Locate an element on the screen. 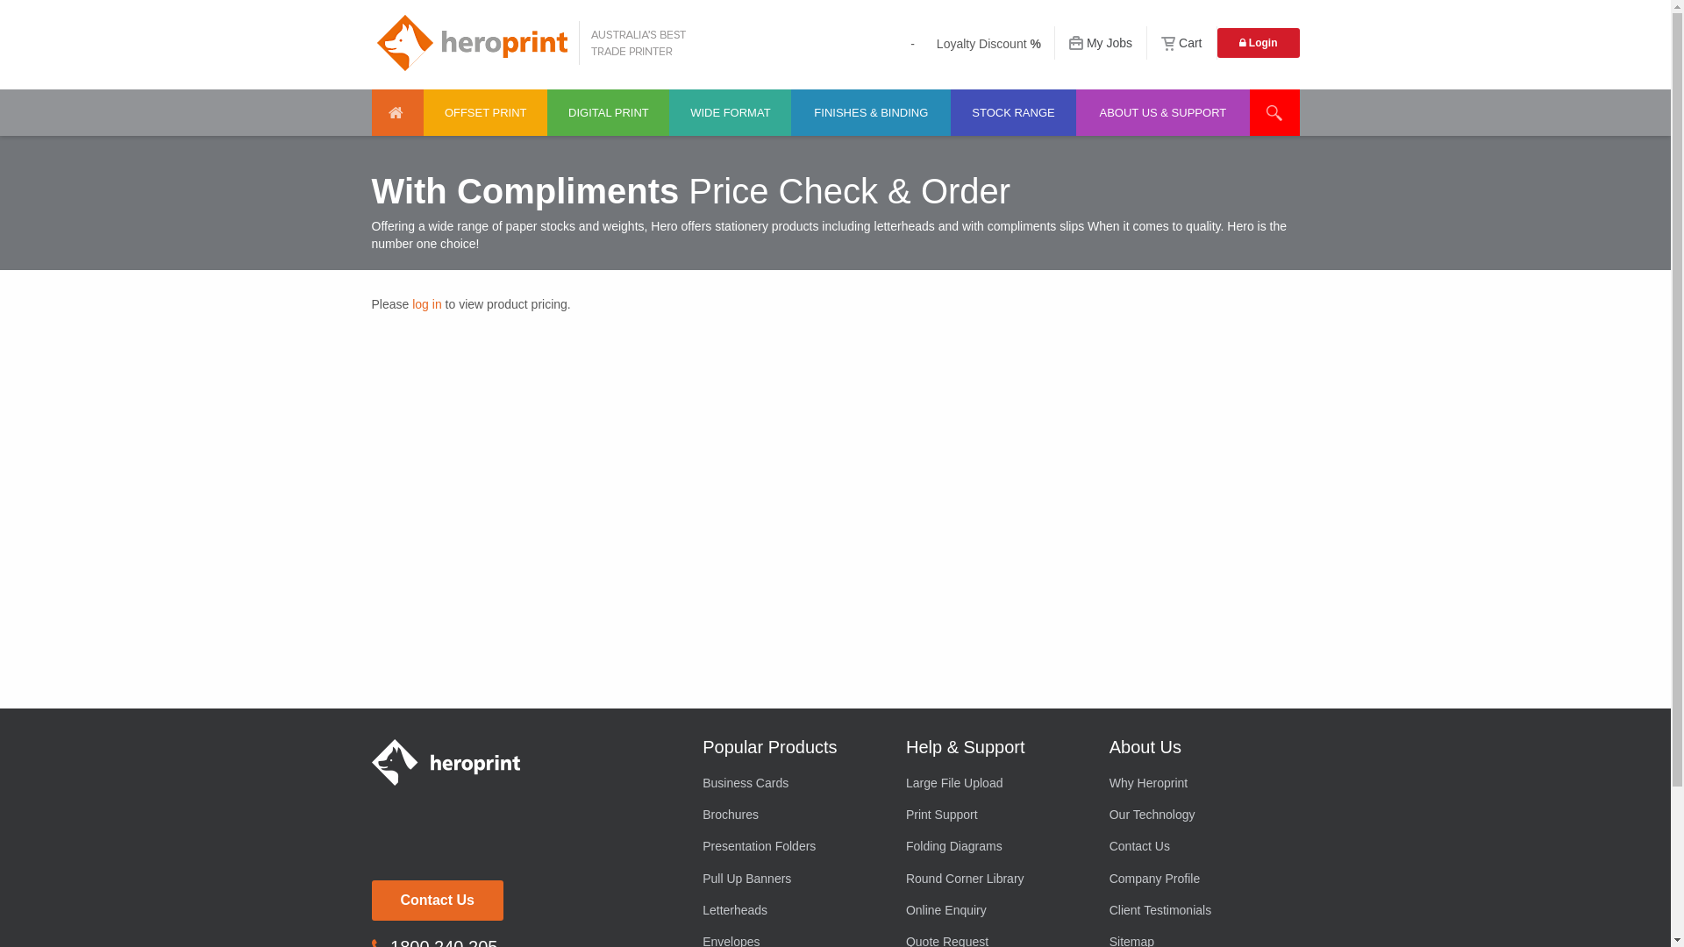  'Print Support' is located at coordinates (905, 815).